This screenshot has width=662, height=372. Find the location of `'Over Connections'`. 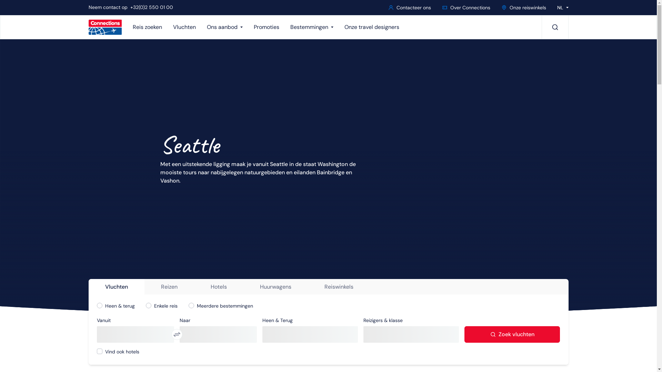

'Over Connections' is located at coordinates (439, 8).